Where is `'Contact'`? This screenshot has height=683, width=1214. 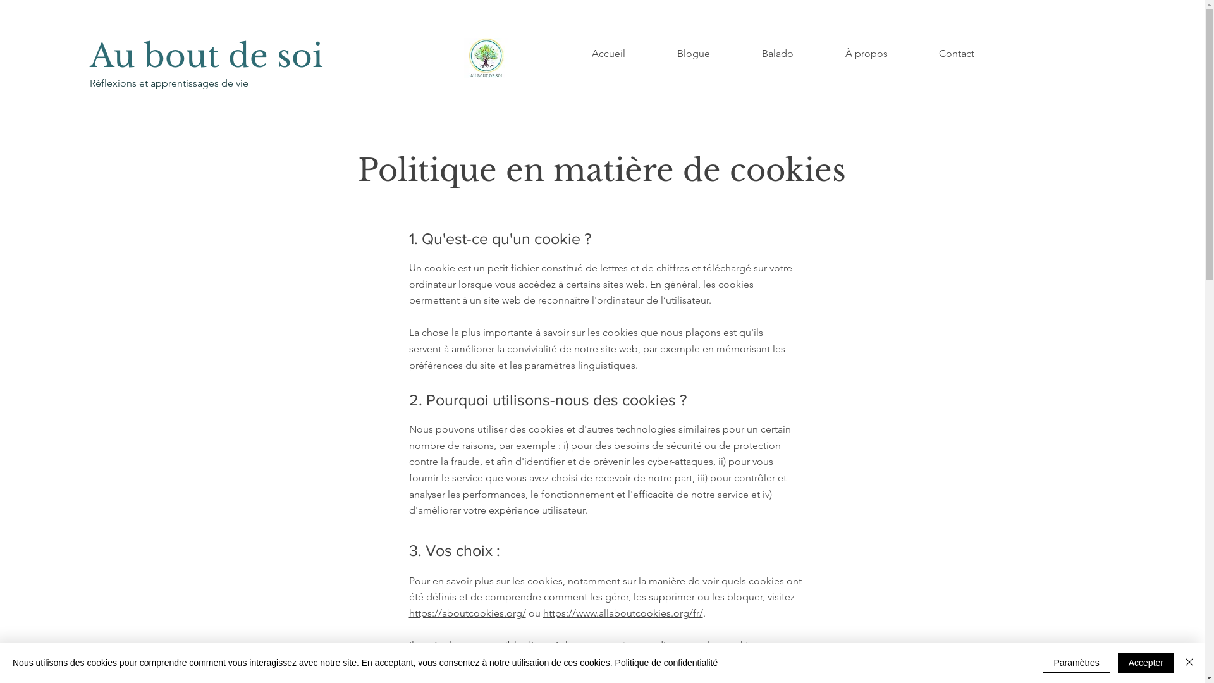 'Contact' is located at coordinates (956, 52).